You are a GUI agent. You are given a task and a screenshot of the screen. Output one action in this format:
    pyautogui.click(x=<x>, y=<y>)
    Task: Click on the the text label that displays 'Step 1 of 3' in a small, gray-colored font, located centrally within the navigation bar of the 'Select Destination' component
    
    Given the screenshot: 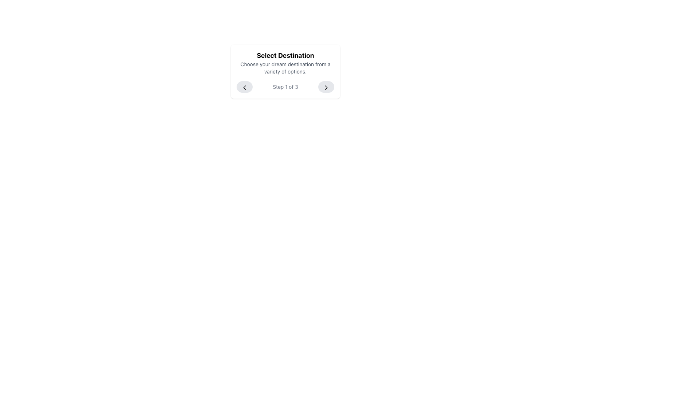 What is the action you would take?
    pyautogui.click(x=285, y=87)
    